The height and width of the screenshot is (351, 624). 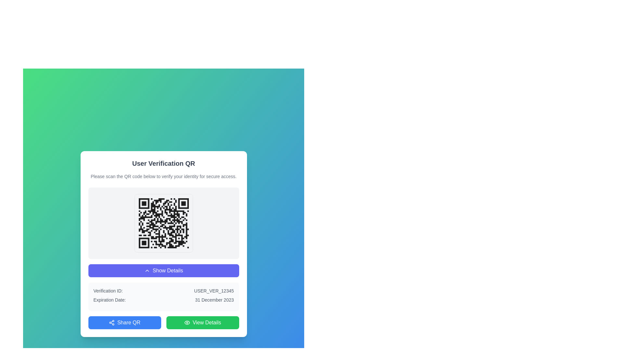 What do you see at coordinates (111, 322) in the screenshot?
I see `the share icon, which is part of the 'Share QR' button at the bottom-left corner of the card, visually positioned to the left of the text 'Share QR'` at bounding box center [111, 322].